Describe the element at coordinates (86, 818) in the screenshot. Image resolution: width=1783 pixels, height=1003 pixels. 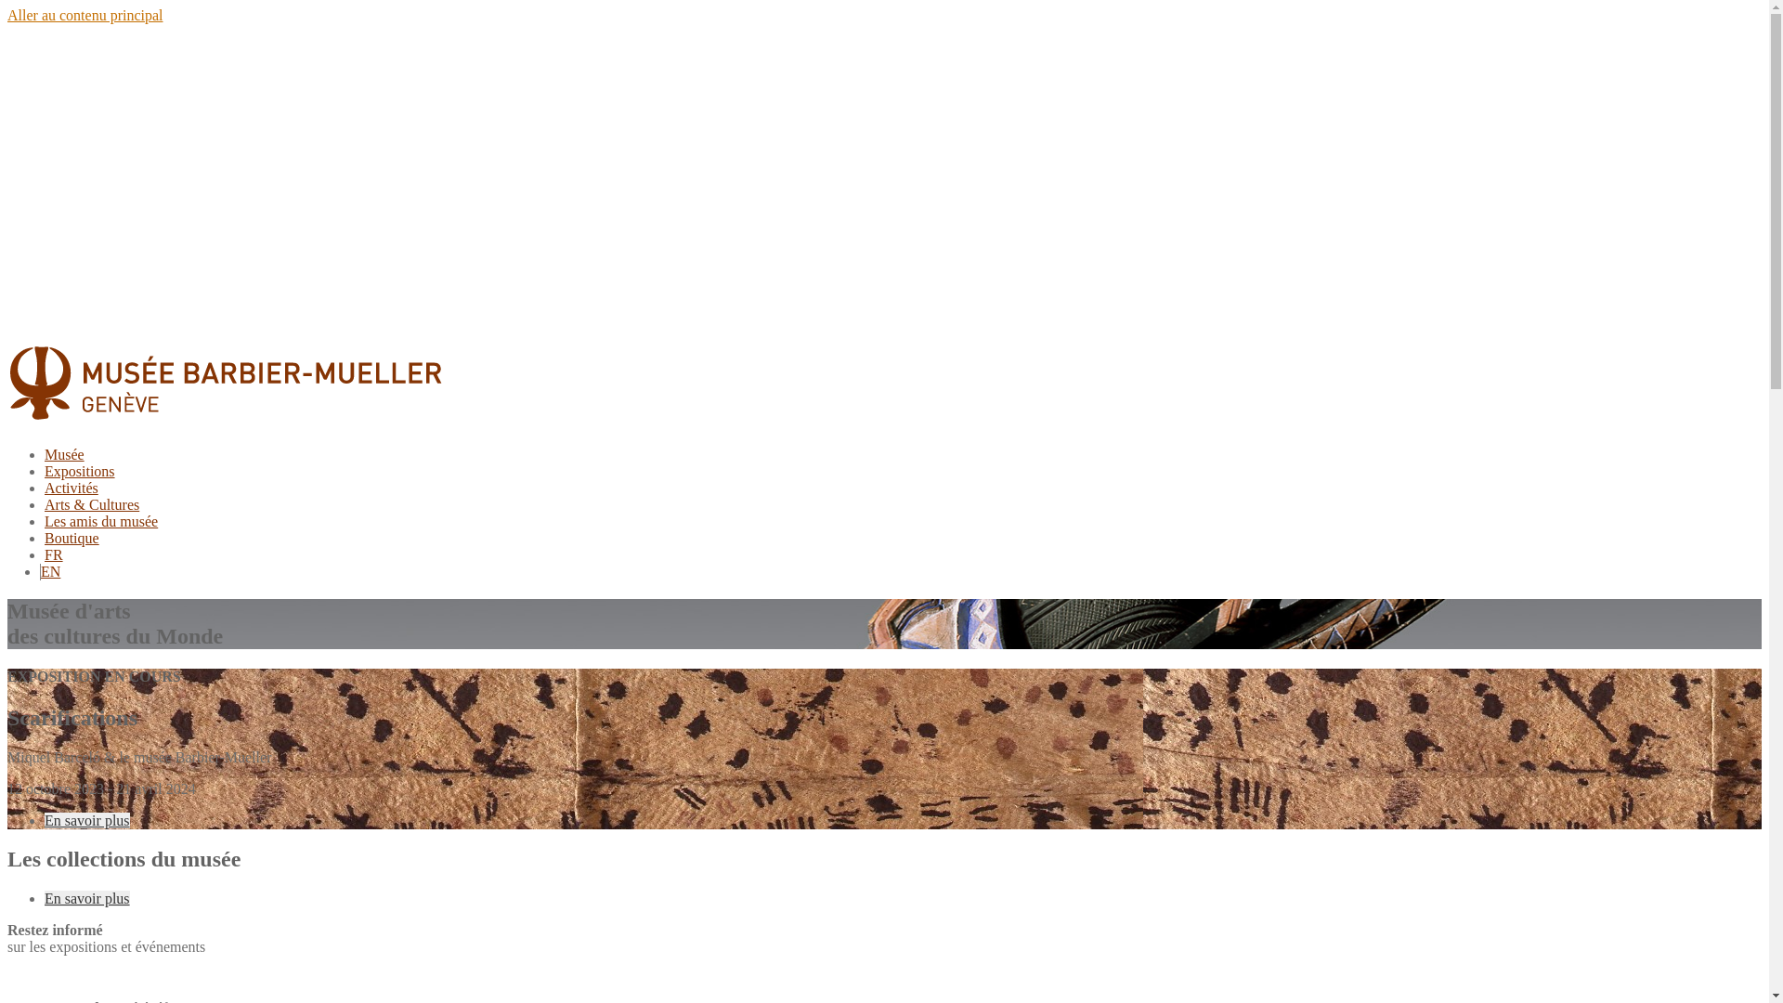
I see `'En savoir plus'` at that location.